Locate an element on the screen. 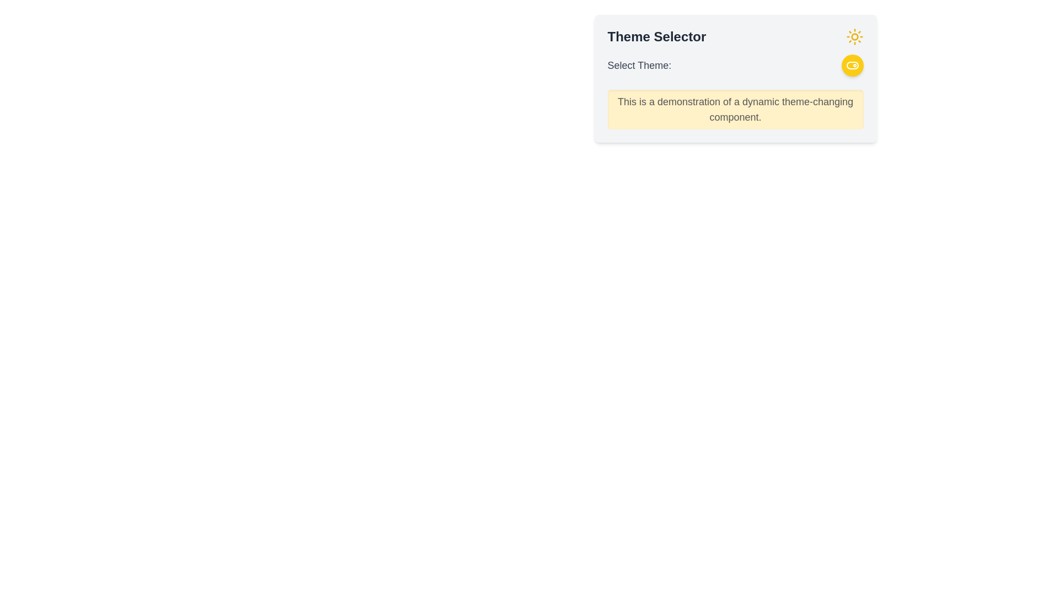 This screenshot has width=1059, height=595. the sun-like icon, which is part of the 'Theme Selector' section, located immediately to the right of the 'Theme Selector' text label is located at coordinates (854, 36).